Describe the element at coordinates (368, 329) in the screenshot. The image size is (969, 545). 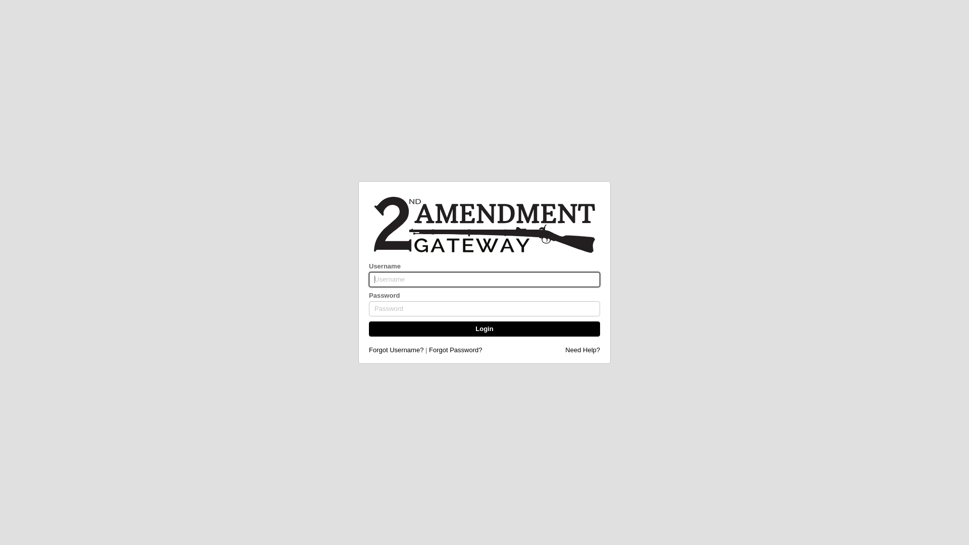
I see `'Login'` at that location.